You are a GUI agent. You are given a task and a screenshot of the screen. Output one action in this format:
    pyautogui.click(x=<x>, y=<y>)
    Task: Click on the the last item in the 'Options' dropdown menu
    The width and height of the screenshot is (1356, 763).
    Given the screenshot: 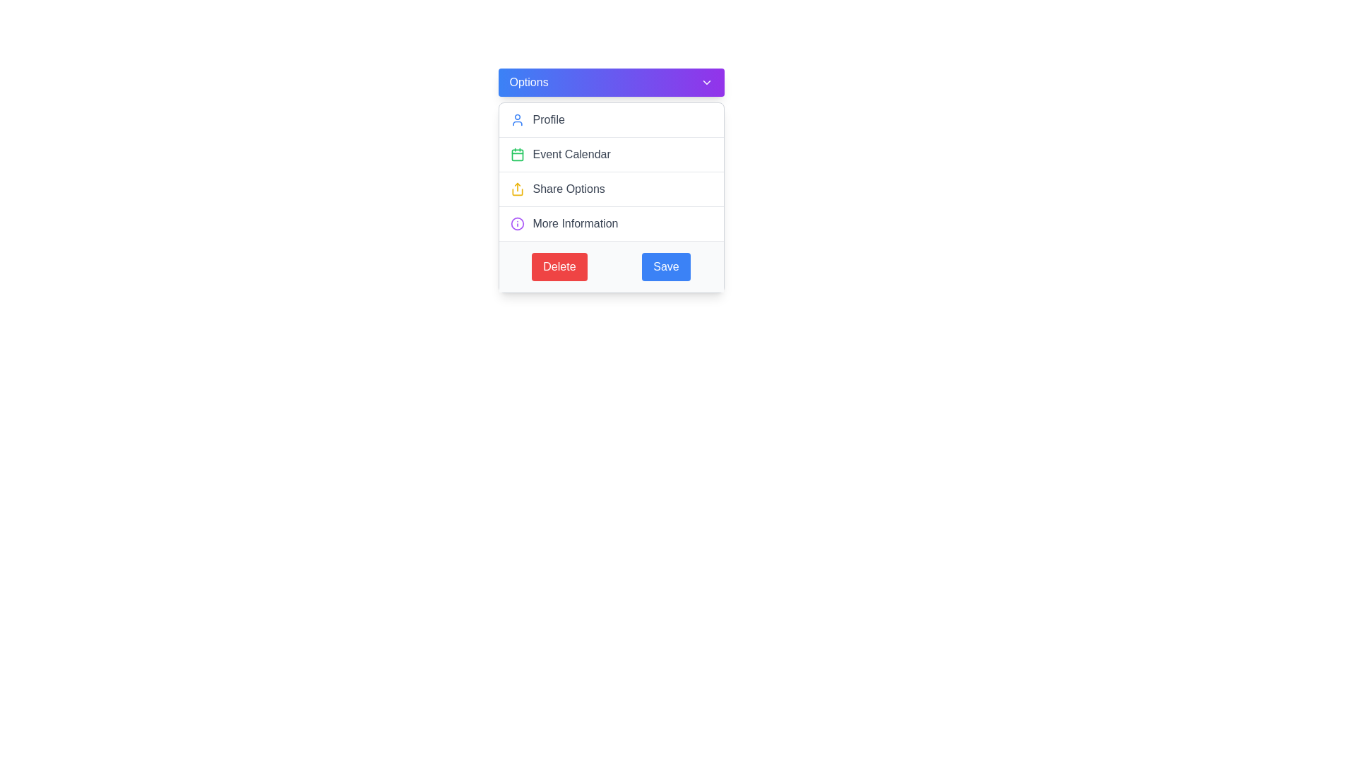 What is the action you would take?
    pyautogui.click(x=611, y=223)
    